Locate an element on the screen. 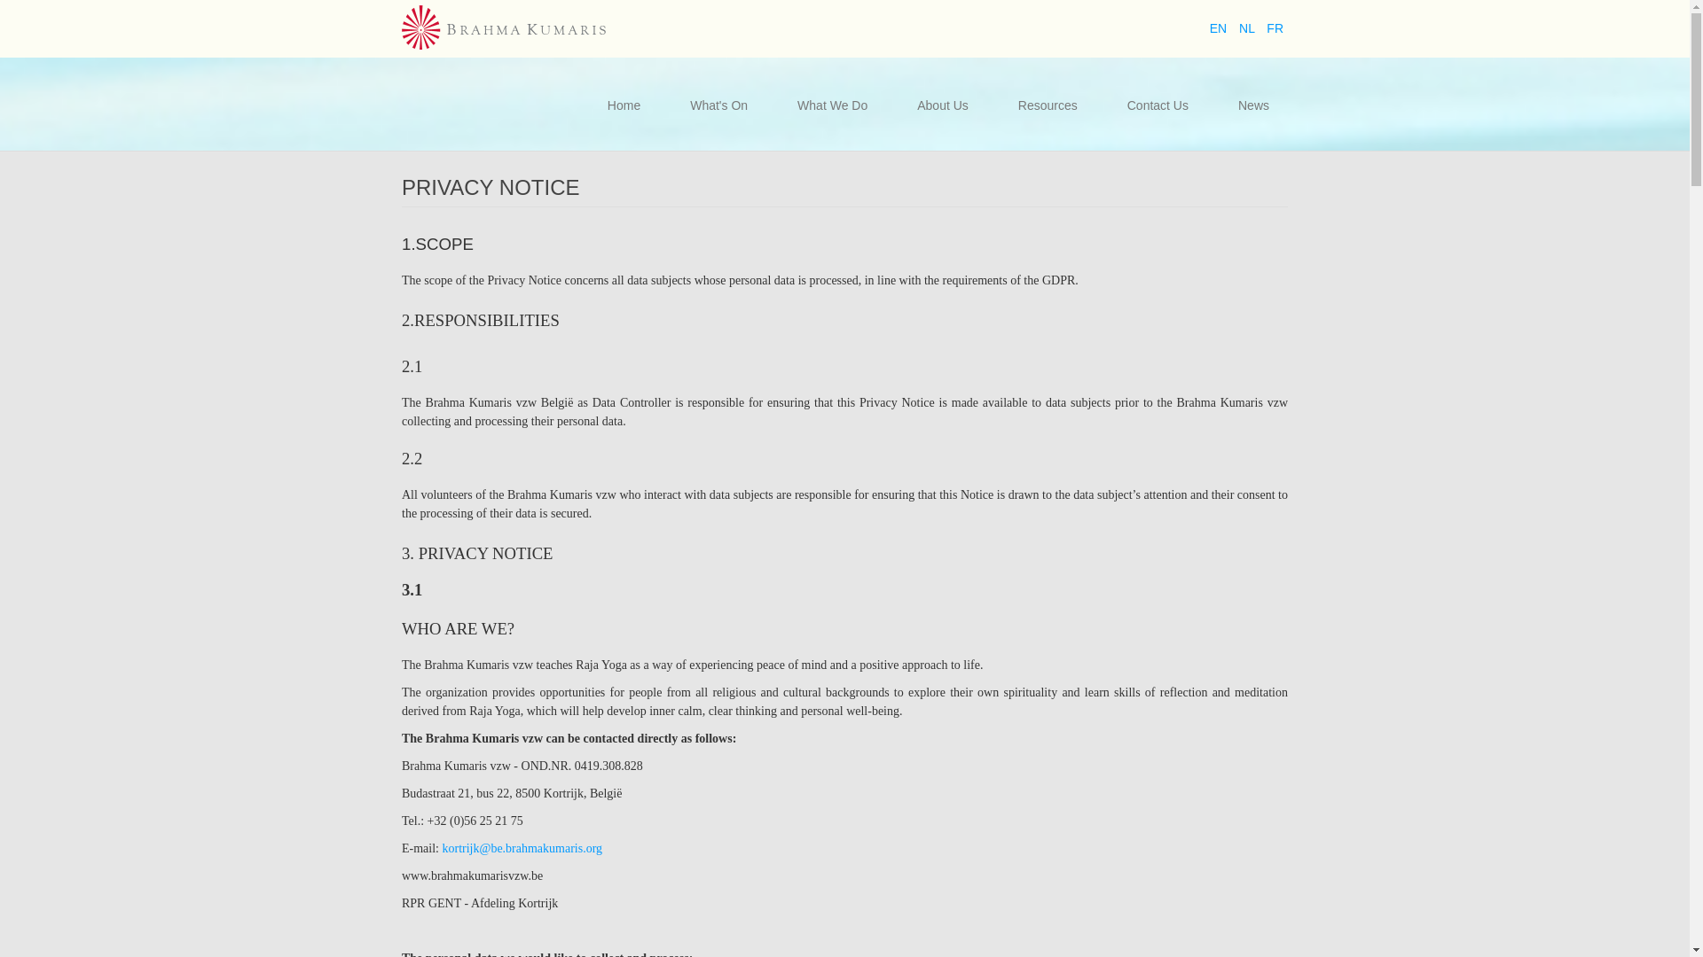 The height and width of the screenshot is (957, 1703). 'About Us' is located at coordinates (941, 105).